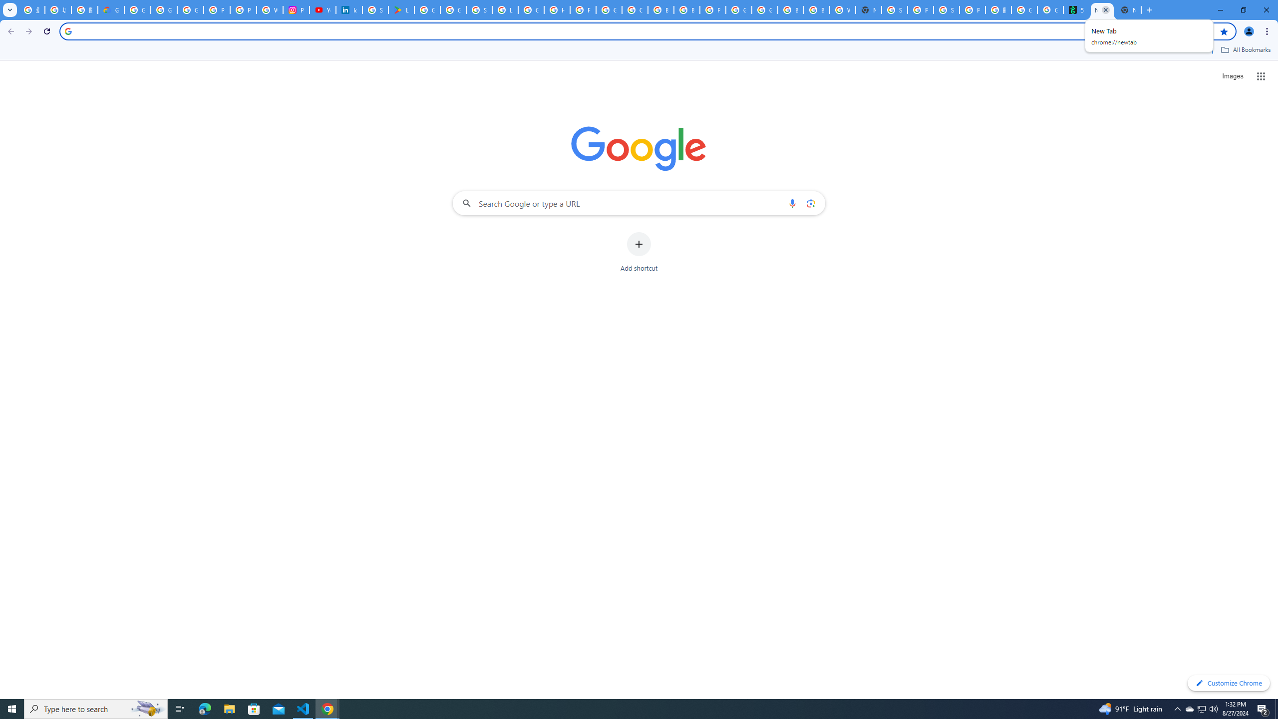 This screenshot has height=719, width=1278. I want to click on 'Google Workspace - Specific Terms', so click(452, 9).